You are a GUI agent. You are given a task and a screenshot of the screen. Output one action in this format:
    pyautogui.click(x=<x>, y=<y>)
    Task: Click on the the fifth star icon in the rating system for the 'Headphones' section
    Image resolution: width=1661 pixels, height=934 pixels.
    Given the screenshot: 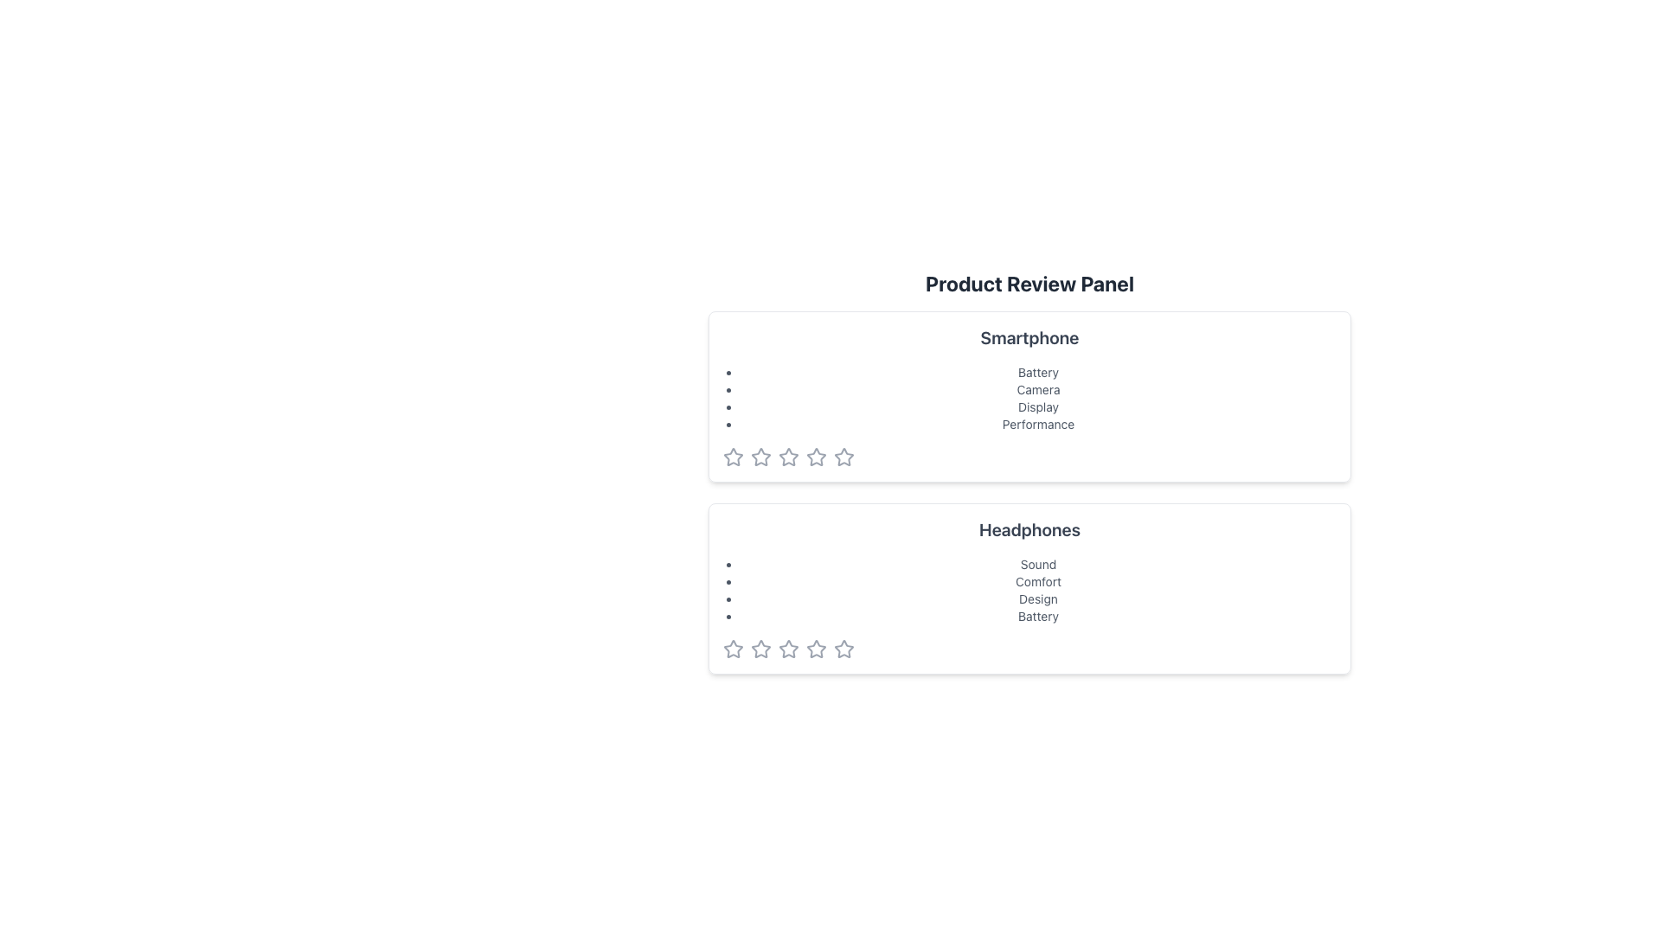 What is the action you would take?
    pyautogui.click(x=843, y=649)
    